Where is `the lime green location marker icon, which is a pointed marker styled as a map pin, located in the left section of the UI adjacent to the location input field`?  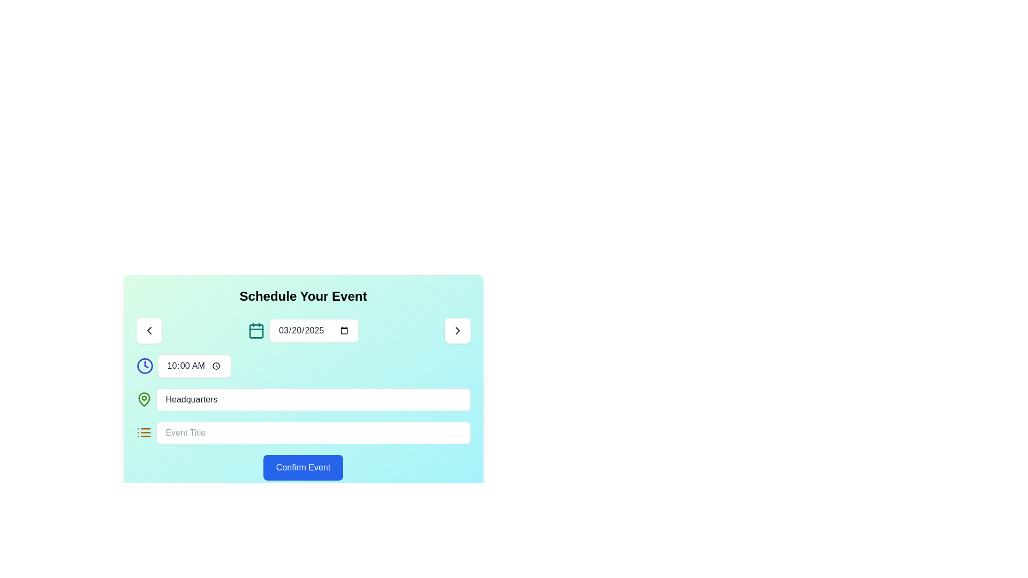 the lime green location marker icon, which is a pointed marker styled as a map pin, located in the left section of the UI adjacent to the location input field is located at coordinates (143, 400).